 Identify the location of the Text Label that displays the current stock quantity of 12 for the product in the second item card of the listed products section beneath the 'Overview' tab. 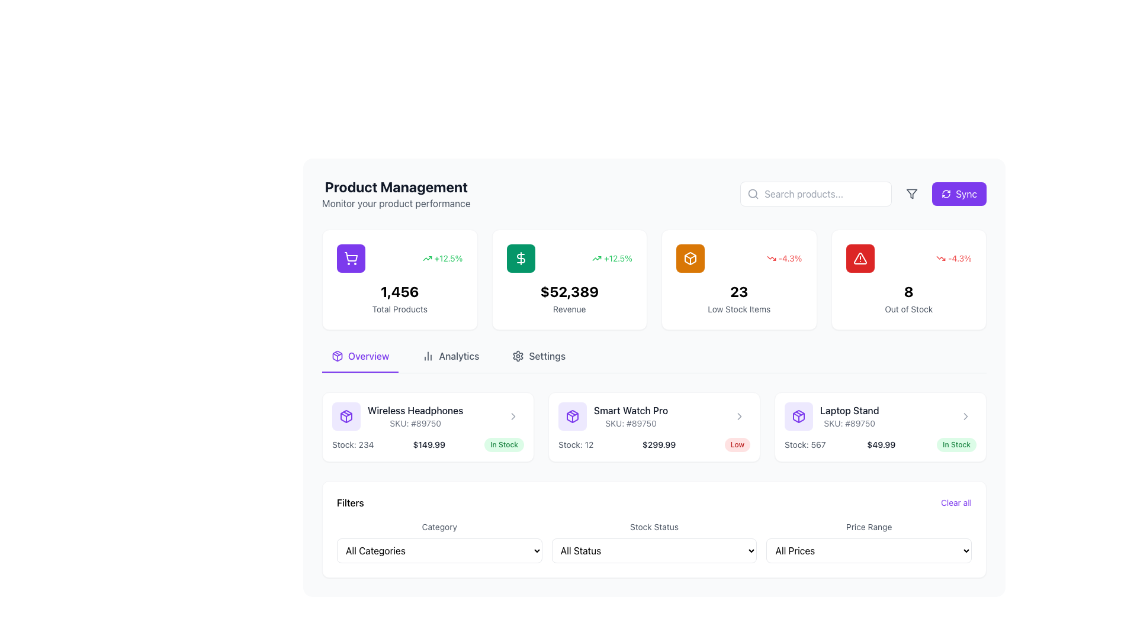
(576, 445).